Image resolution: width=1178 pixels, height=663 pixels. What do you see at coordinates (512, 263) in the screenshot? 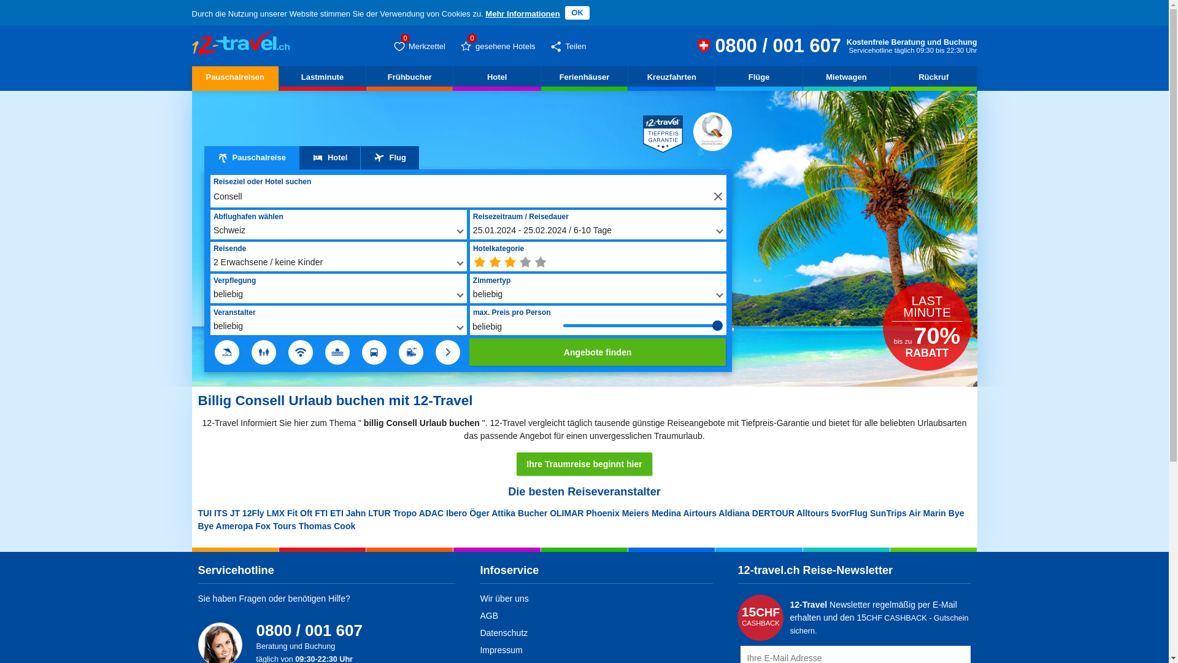
I see `'min. 3 Sterne'` at bounding box center [512, 263].